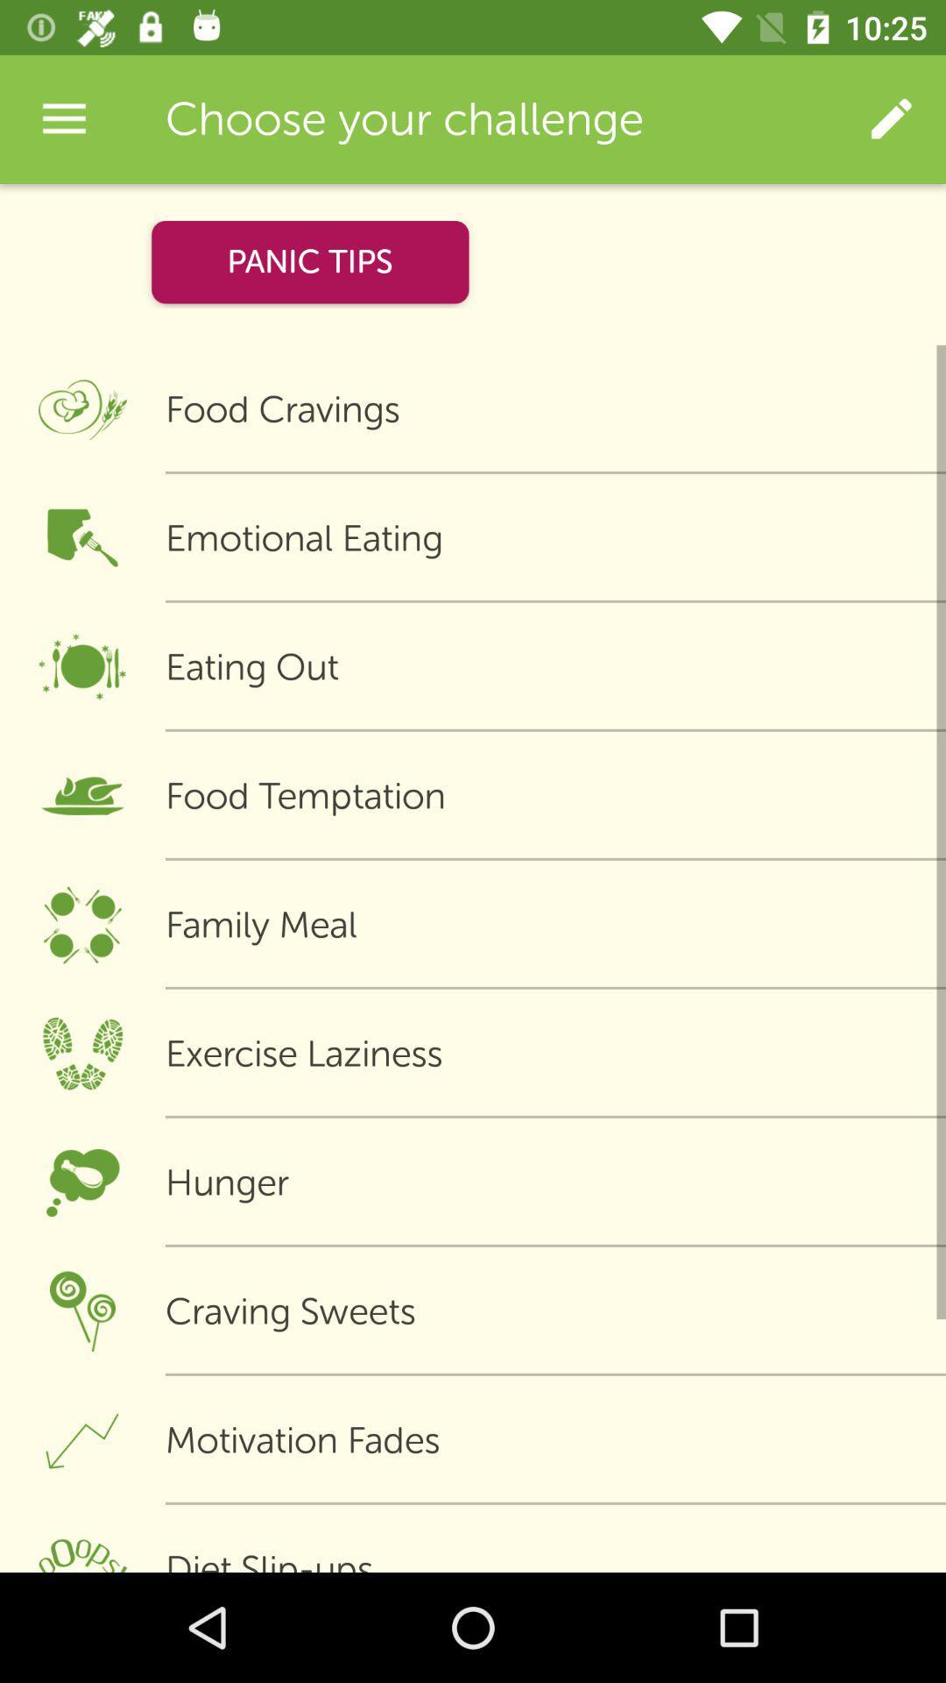 This screenshot has height=1683, width=946. I want to click on the icon at the top right corner, so click(891, 118).